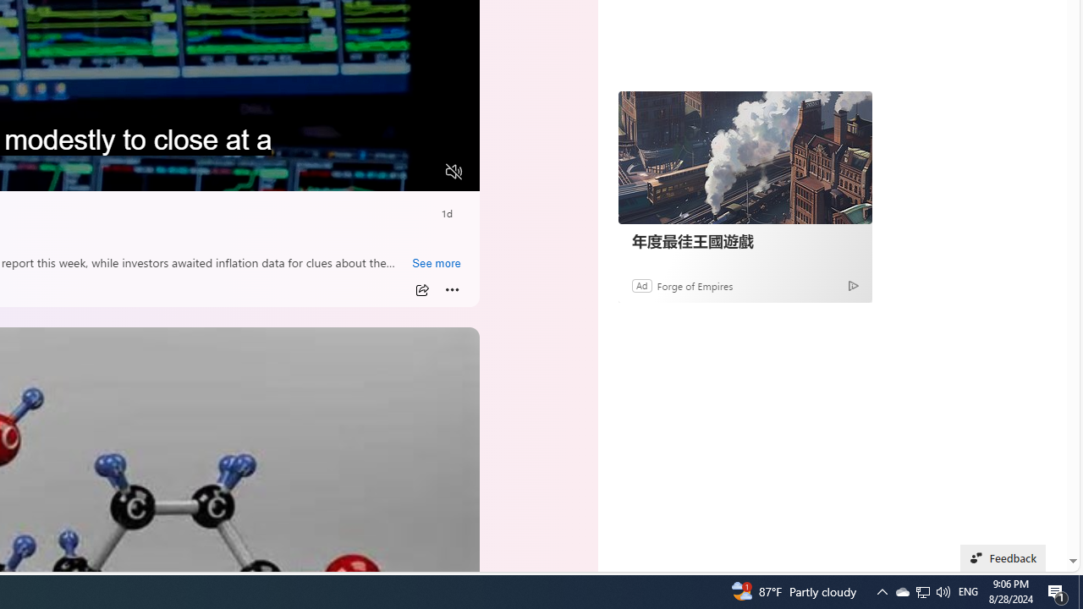 The height and width of the screenshot is (609, 1083). I want to click on 'Ad Choice', so click(853, 284).